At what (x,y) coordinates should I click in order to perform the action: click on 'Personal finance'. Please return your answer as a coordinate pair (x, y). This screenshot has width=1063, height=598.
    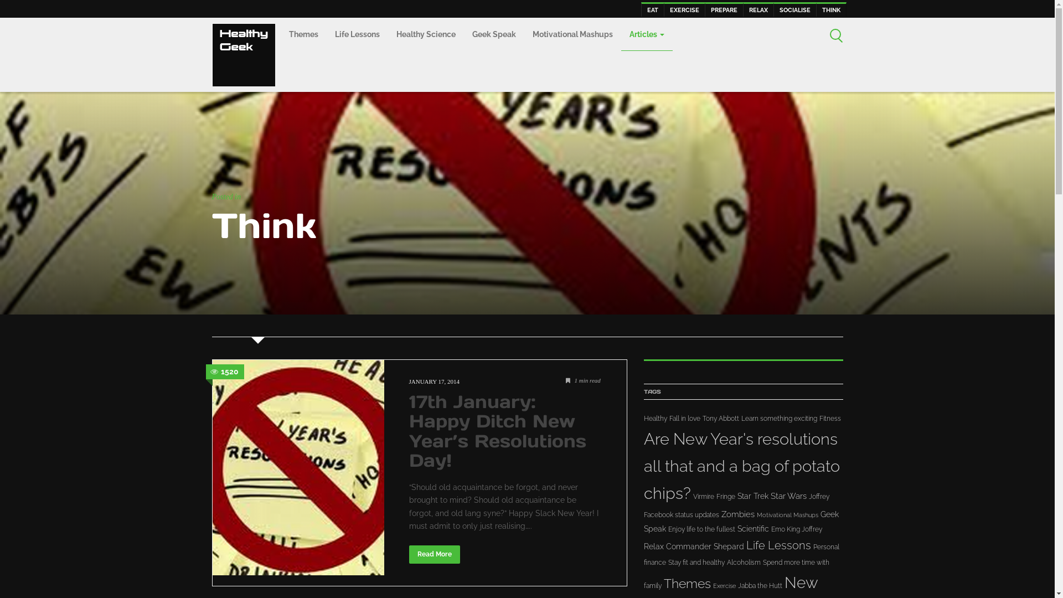
    Looking at the image, I should click on (741, 555).